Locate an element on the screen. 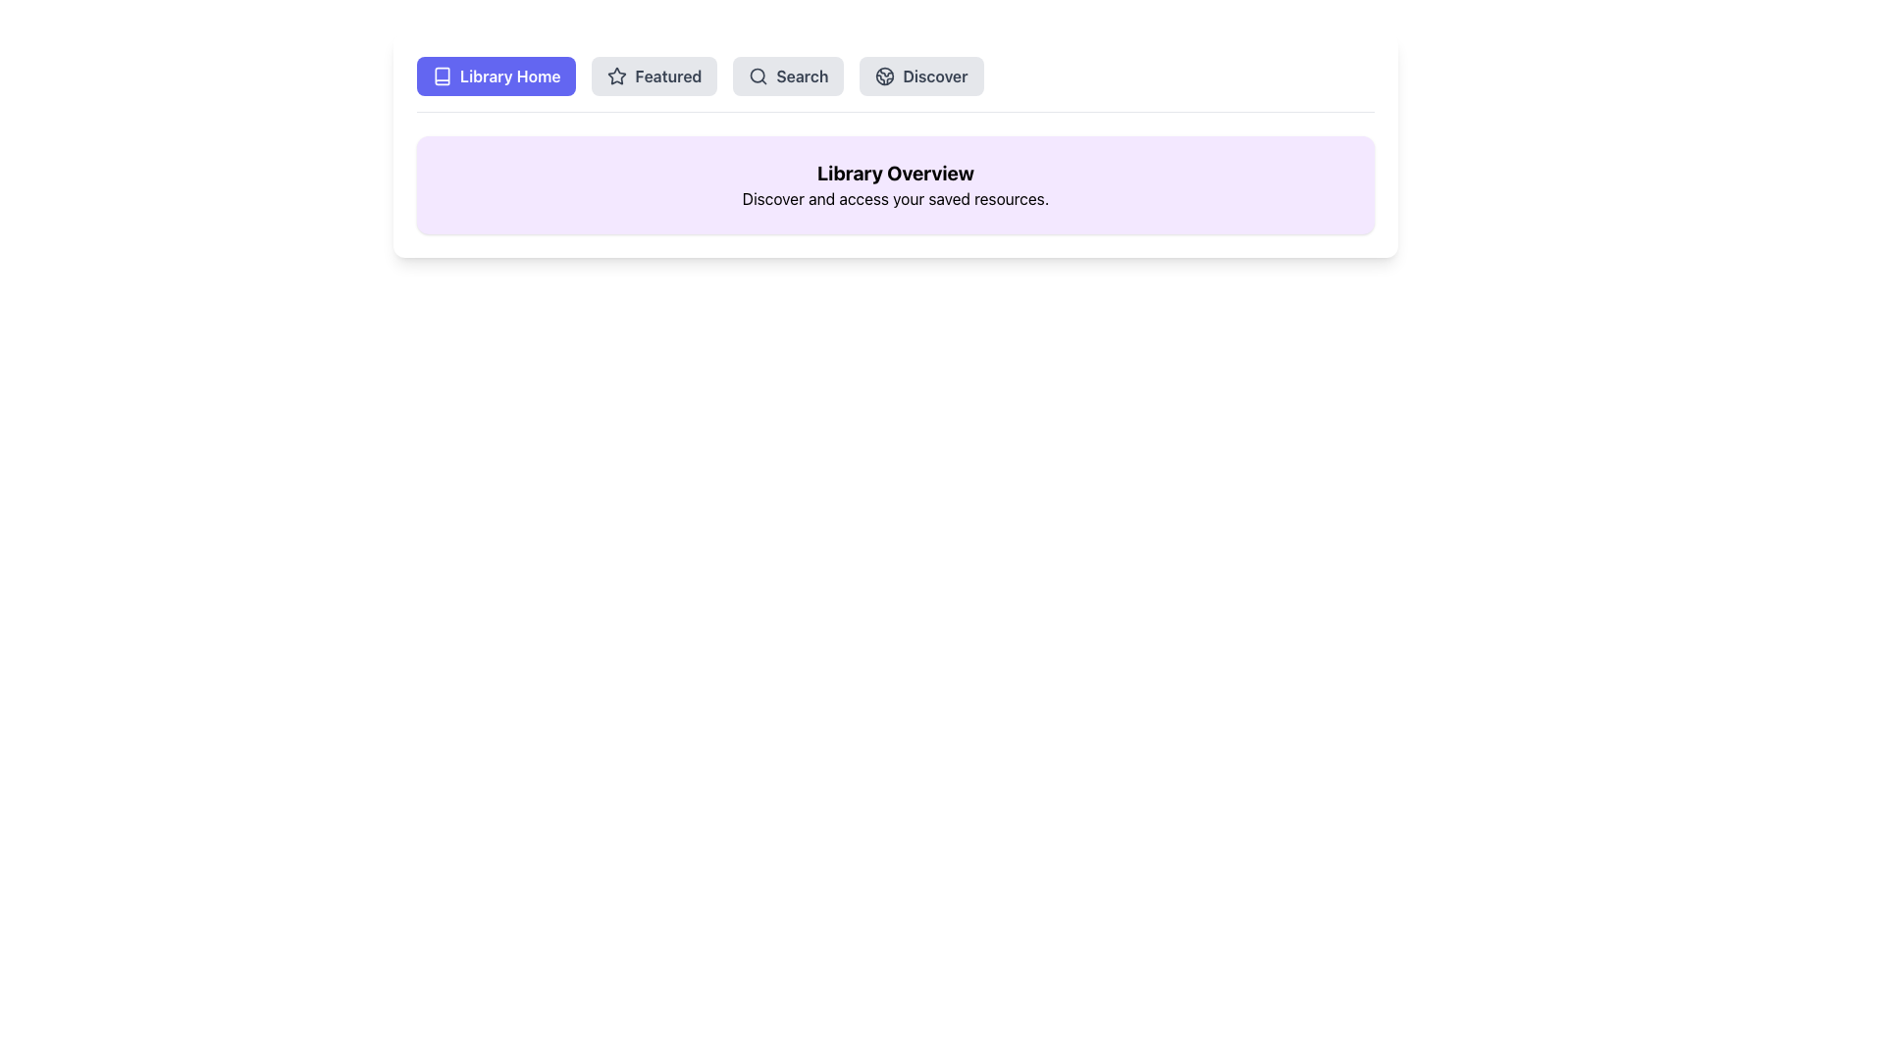 Image resolution: width=1884 pixels, height=1059 pixels. the circular SVG element representing a search feature, located in the header section of the layout is located at coordinates (757, 75).